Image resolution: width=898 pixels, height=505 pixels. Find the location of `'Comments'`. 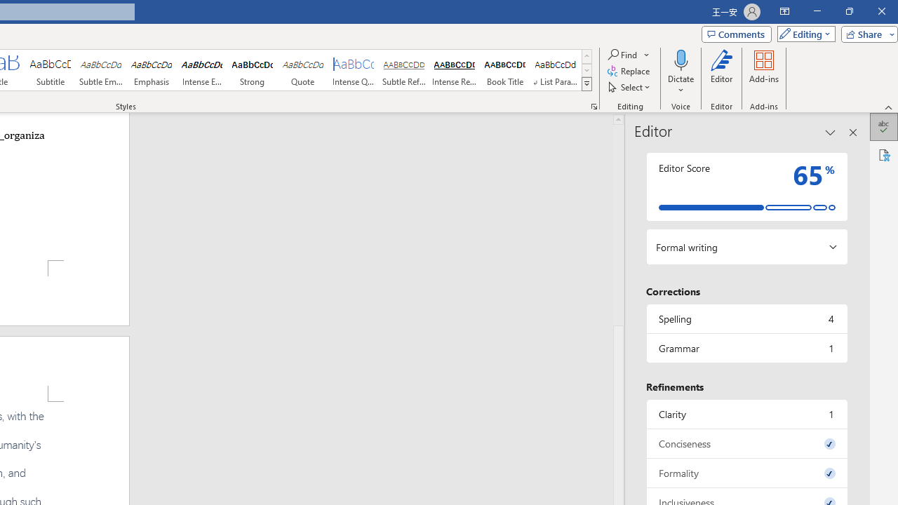

'Comments' is located at coordinates (735, 33).